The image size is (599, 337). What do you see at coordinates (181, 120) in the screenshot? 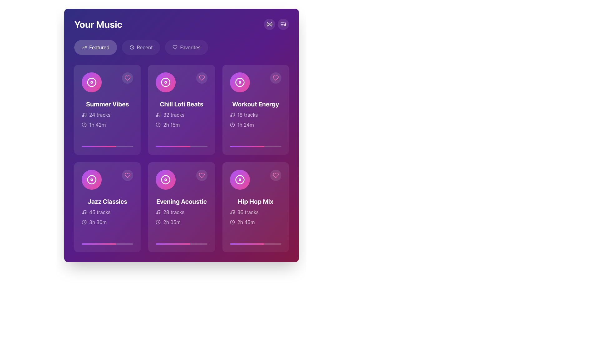
I see `the Information display element showing '32 tracks' and '2h 15m' within the 'Chill Lofi Beats' card` at bounding box center [181, 120].